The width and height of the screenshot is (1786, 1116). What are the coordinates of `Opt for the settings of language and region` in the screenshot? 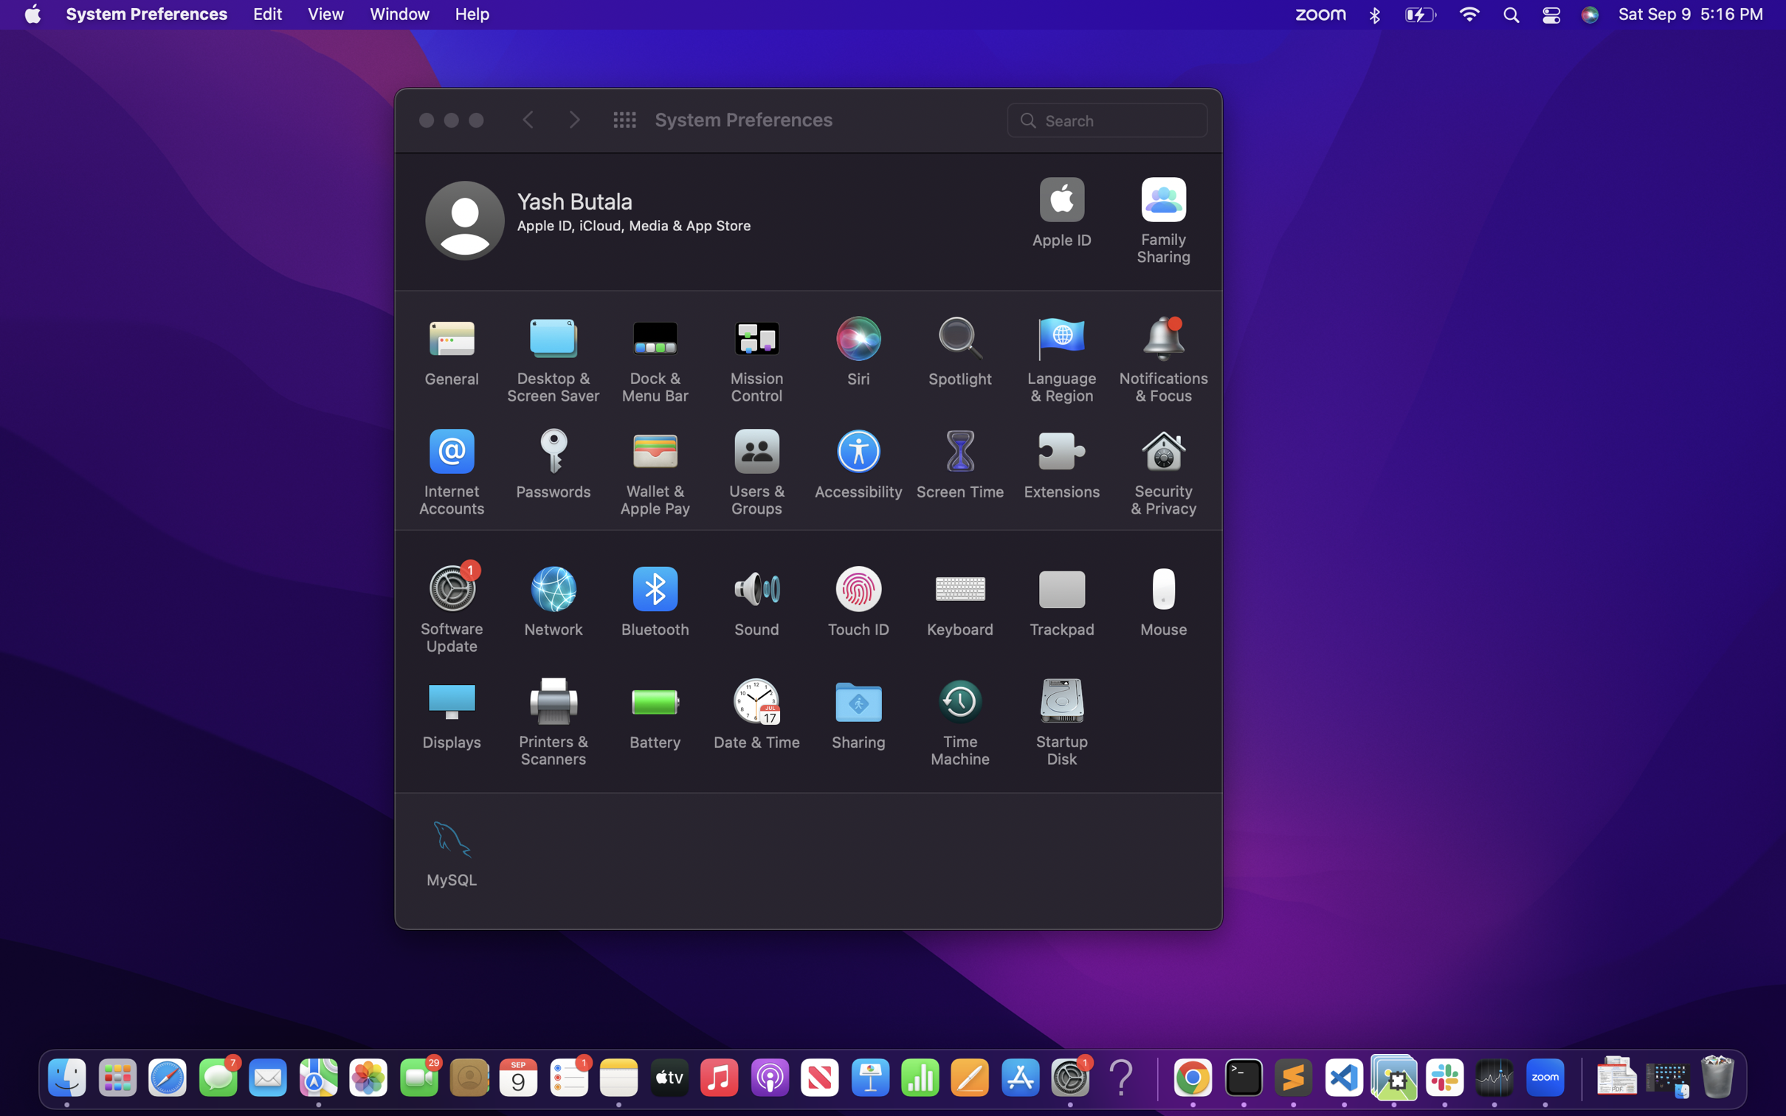 It's located at (1062, 359).